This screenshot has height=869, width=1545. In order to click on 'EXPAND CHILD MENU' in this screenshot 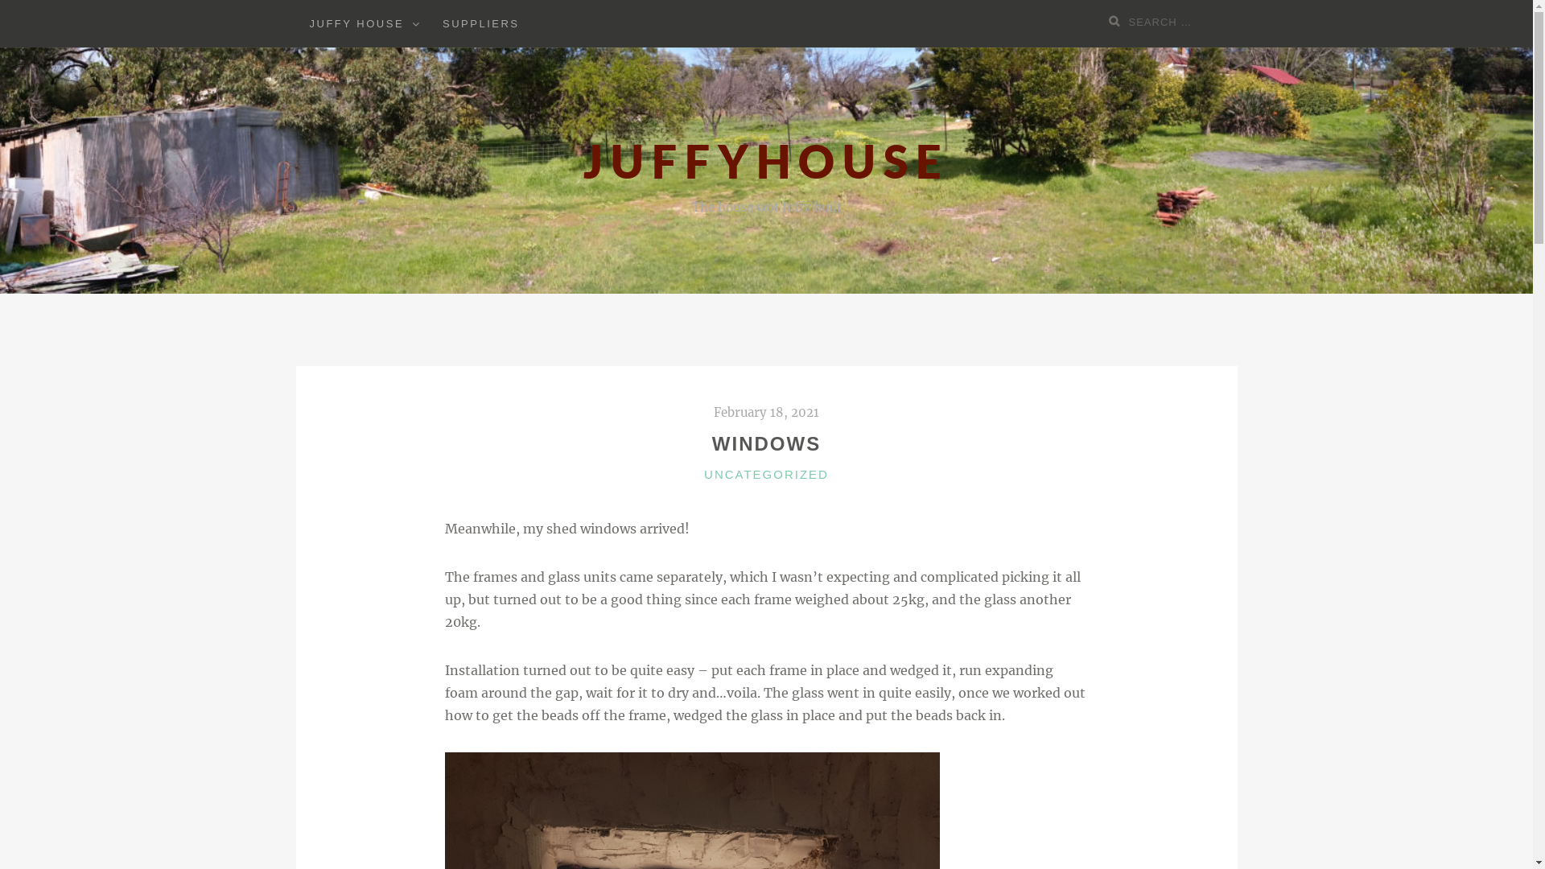, I will do `click(415, 23)`.